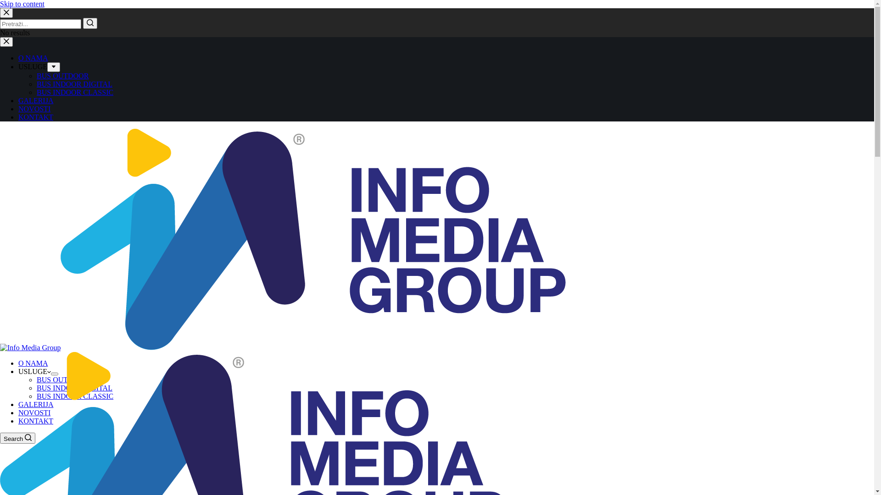 The width and height of the screenshot is (881, 495). What do you see at coordinates (75, 92) in the screenshot?
I see `'BUS INDOOR CLASSIC'` at bounding box center [75, 92].